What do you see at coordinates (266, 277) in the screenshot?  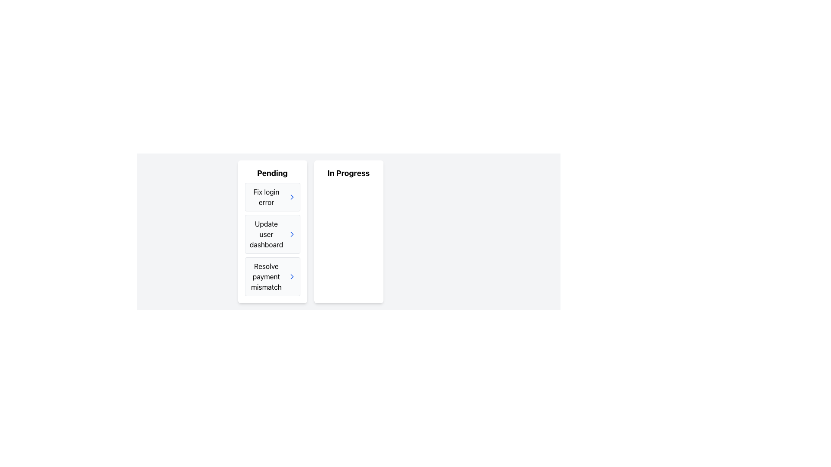 I see `the Text Label that describes resolving payment mismatches, located in the third position under the 'Pending' column, directly below 'Update user dashboard'` at bounding box center [266, 277].